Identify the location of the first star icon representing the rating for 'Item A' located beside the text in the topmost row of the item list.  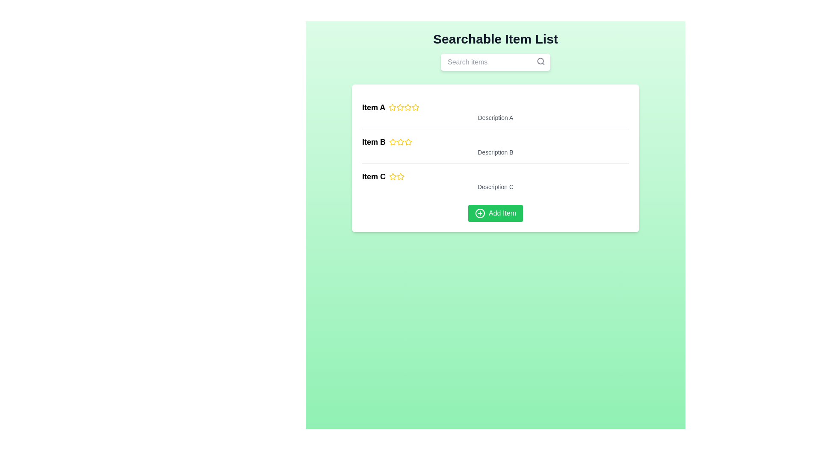
(392, 107).